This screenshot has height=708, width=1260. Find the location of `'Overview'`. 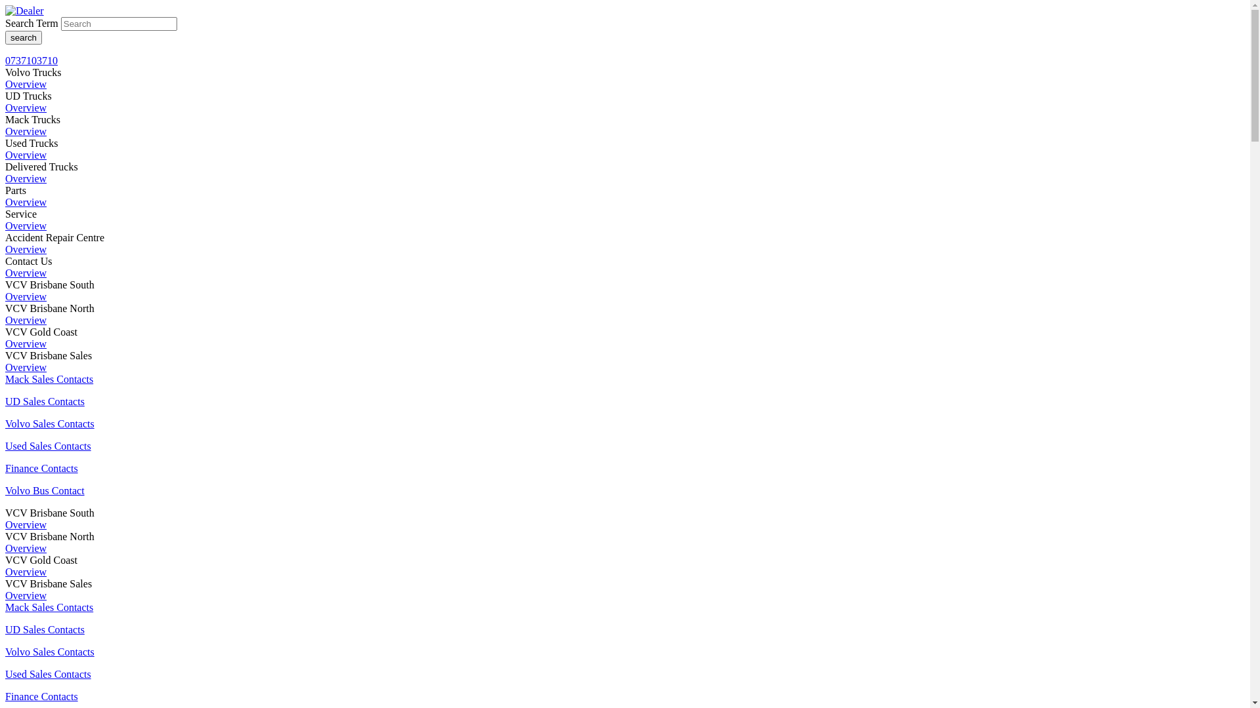

'Overview' is located at coordinates (26, 84).